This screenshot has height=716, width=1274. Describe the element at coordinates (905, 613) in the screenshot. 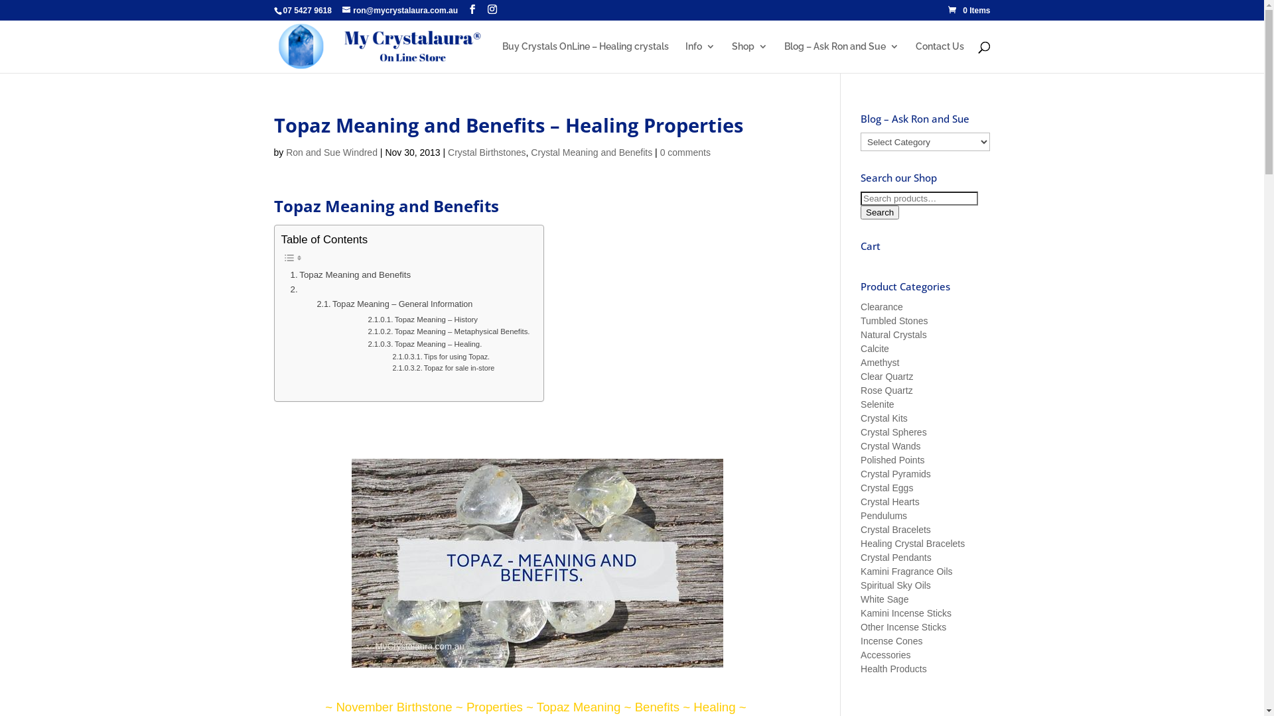

I see `'Kamini Incense Sticks'` at that location.